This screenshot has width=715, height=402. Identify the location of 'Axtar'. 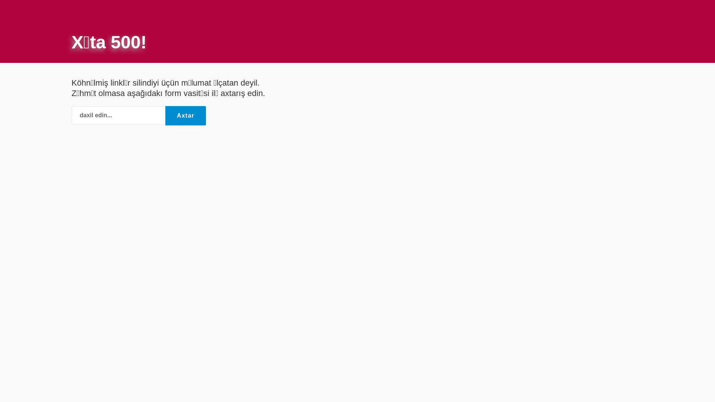
(185, 116).